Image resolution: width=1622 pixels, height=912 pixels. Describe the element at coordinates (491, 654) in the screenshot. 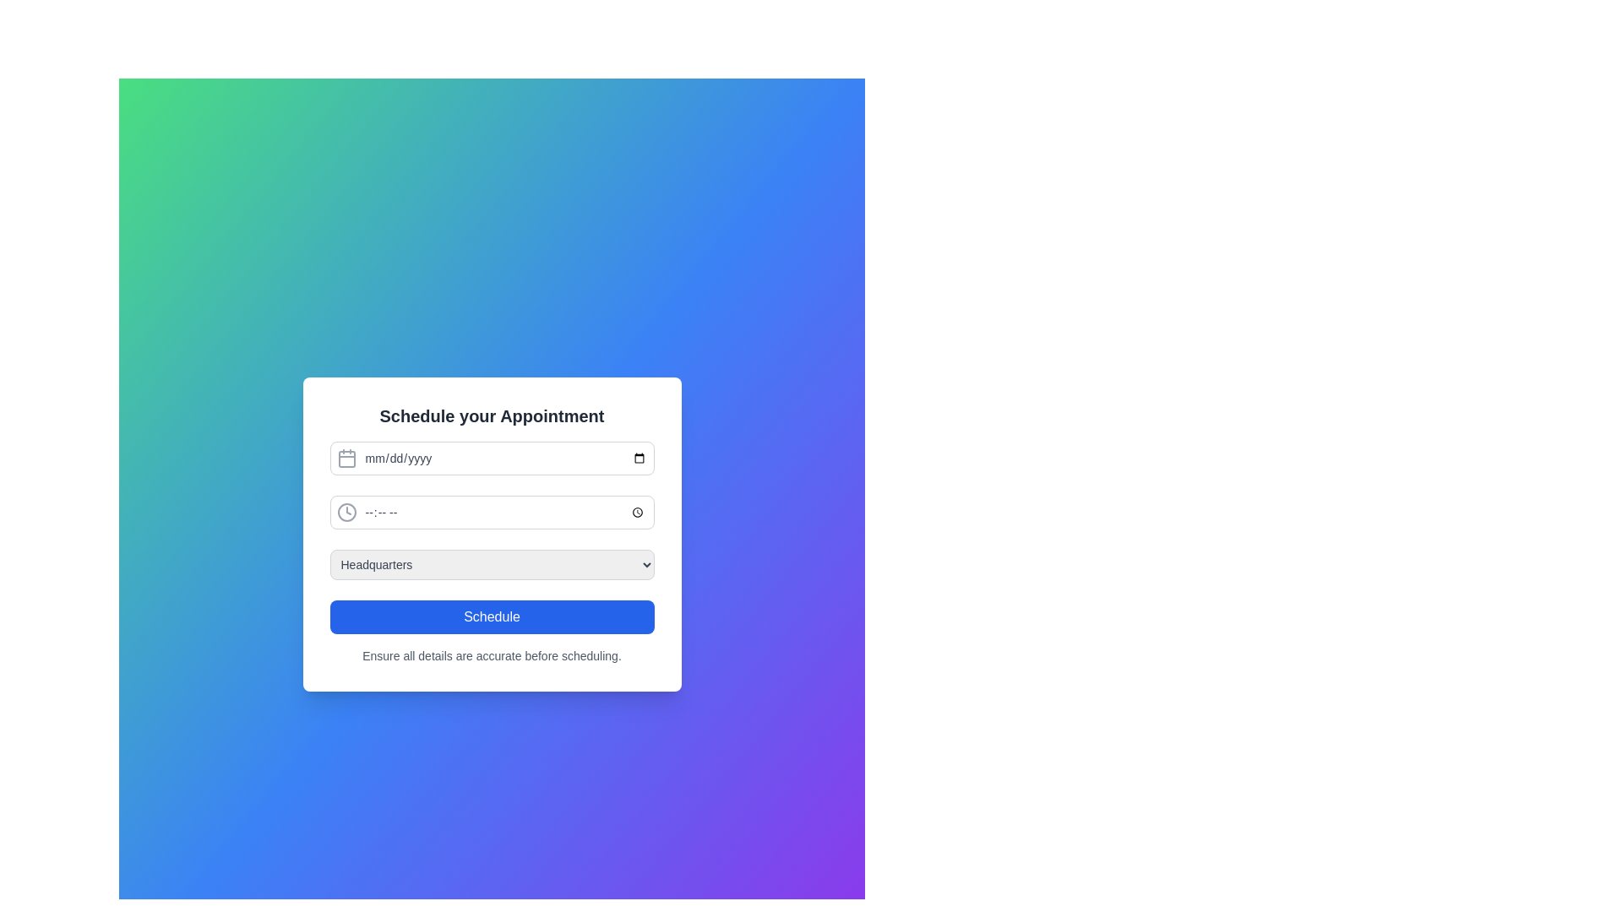

I see `instructional text element that specifies 'Ensure all details are accurate before scheduling.', which is located at the bottom of the appointment scheduling form, beneath the 'Schedule' button` at that location.